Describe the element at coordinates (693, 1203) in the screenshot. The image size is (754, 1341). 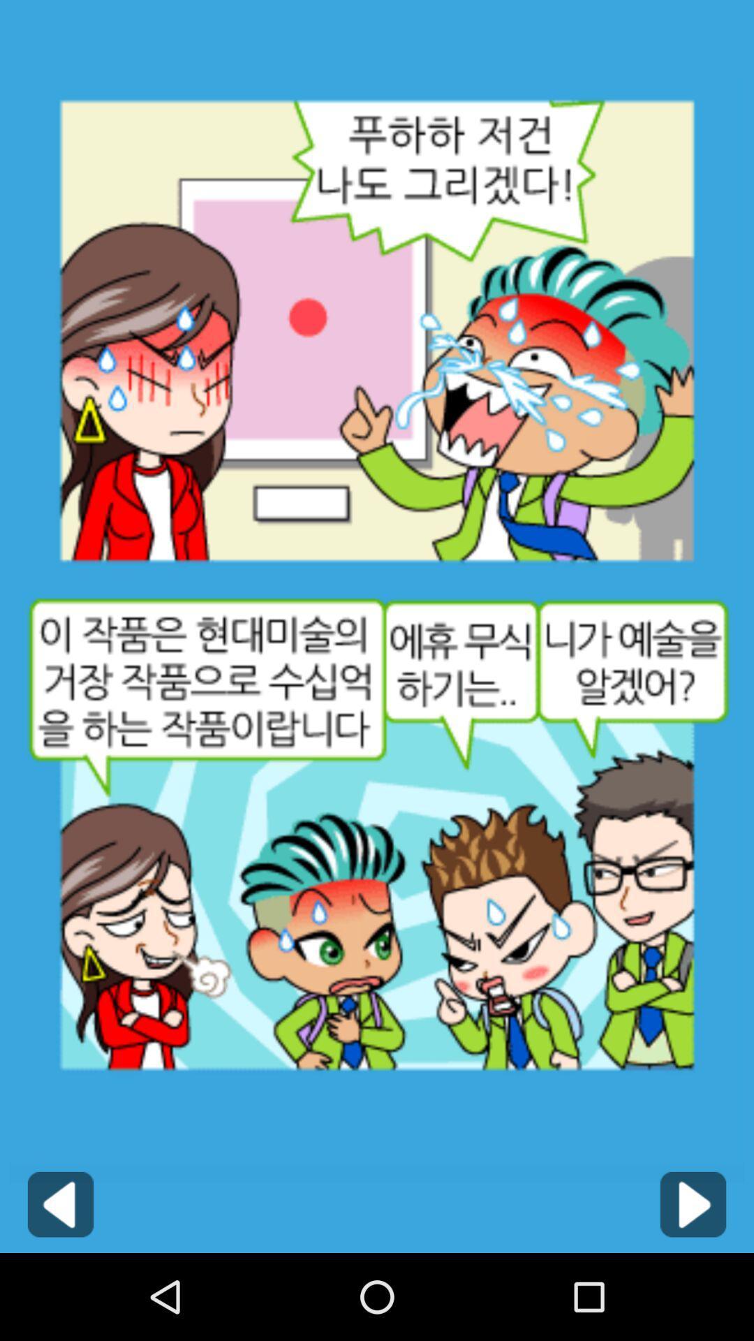
I see `go next` at that location.